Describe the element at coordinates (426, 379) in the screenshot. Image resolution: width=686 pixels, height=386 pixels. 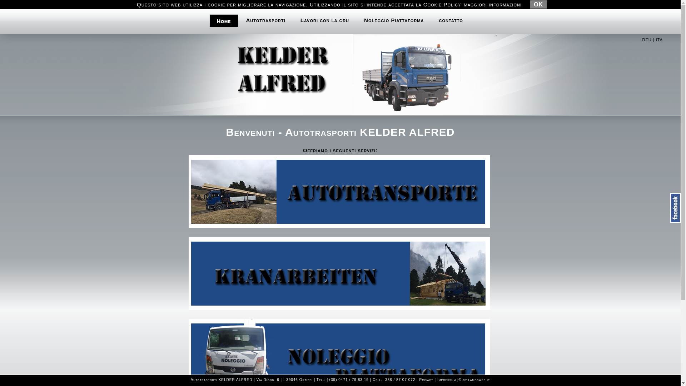
I see `'Privacy'` at that location.